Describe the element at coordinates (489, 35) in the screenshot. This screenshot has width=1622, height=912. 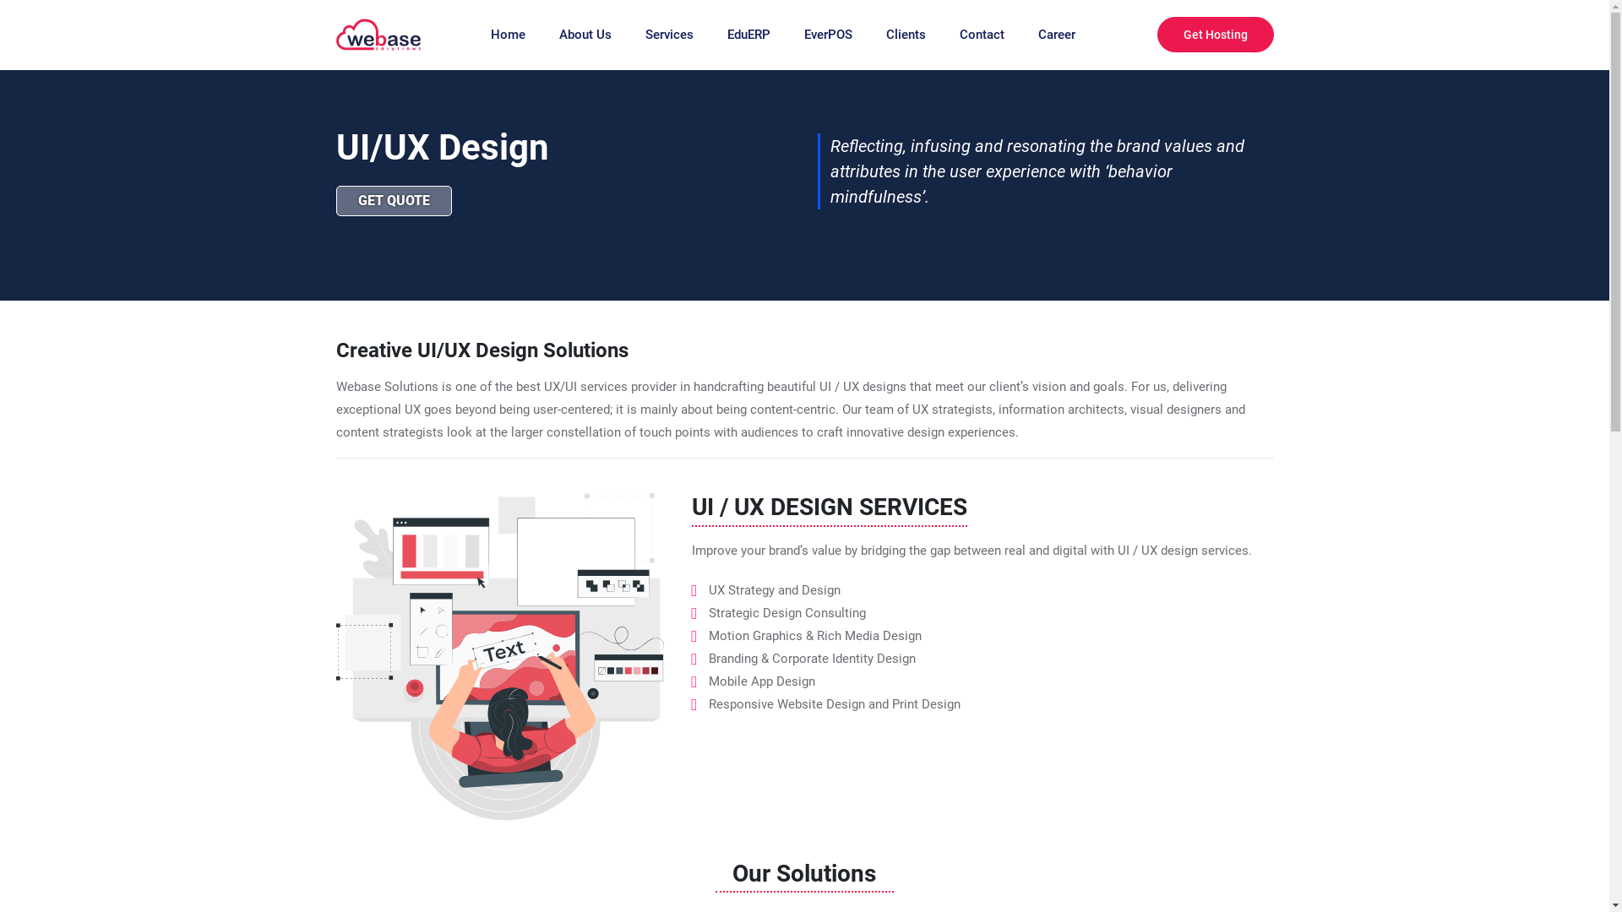
I see `'Home'` at that location.